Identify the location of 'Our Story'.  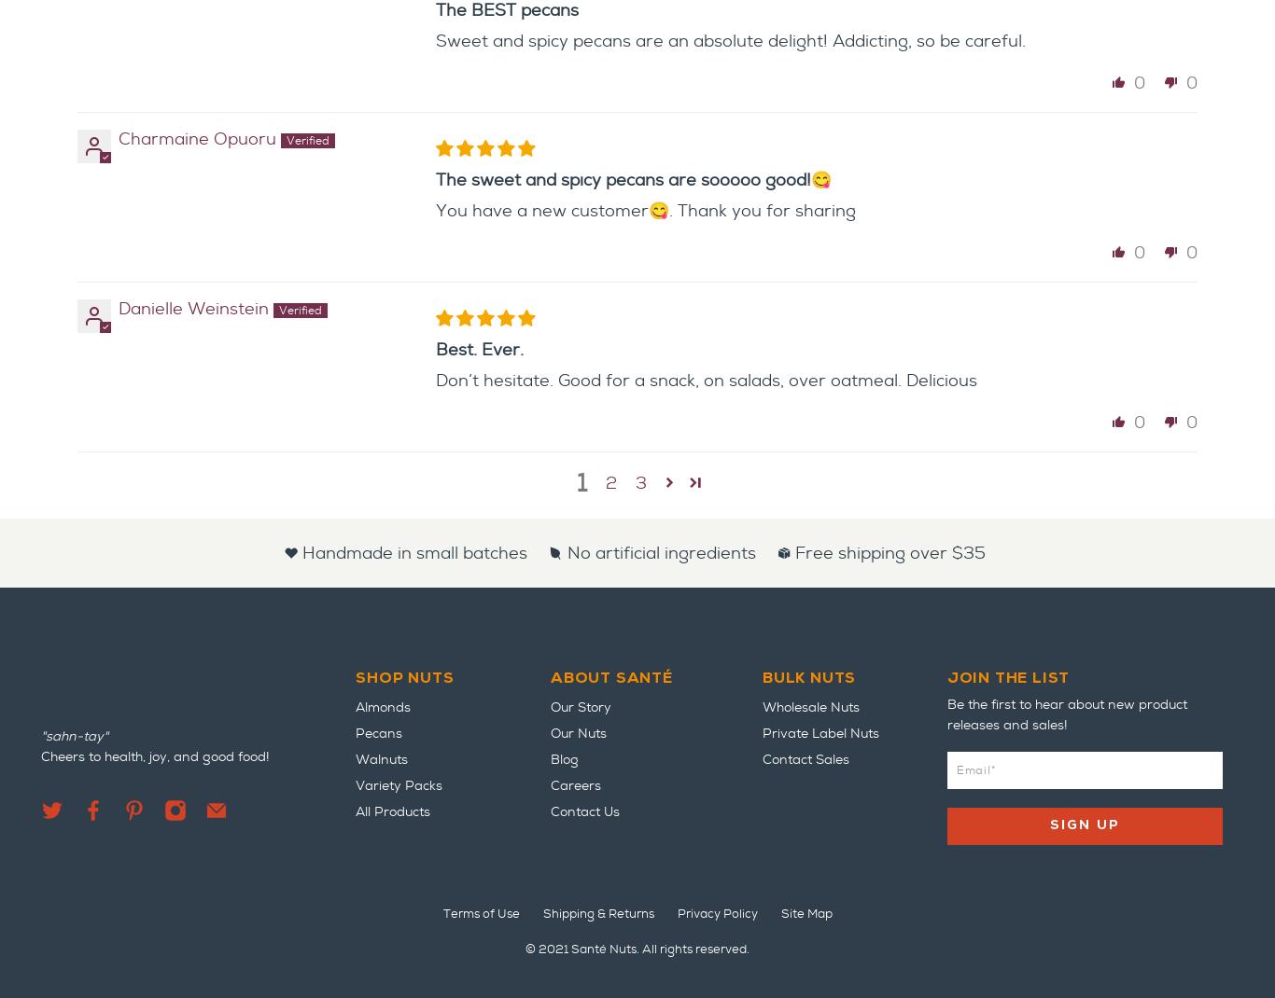
(579, 705).